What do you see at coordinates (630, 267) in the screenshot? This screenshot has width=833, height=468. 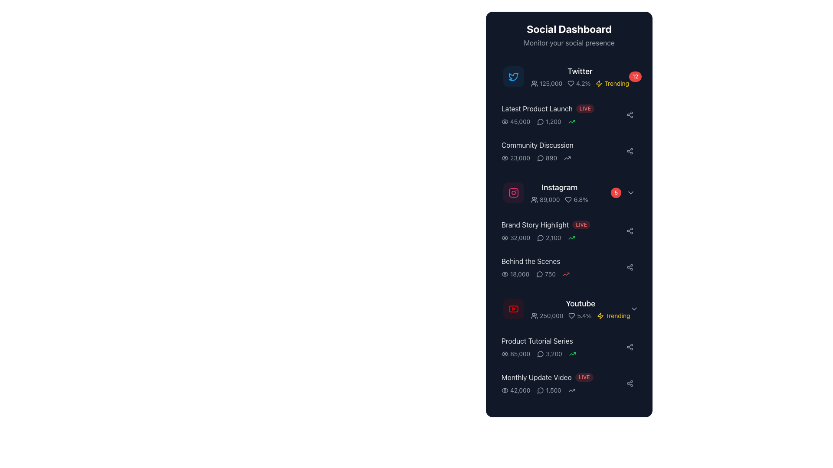 I see `the share icon button located in the rightmost section of the 'Behind the Scenes' entry in the dashboard to share the content` at bounding box center [630, 267].